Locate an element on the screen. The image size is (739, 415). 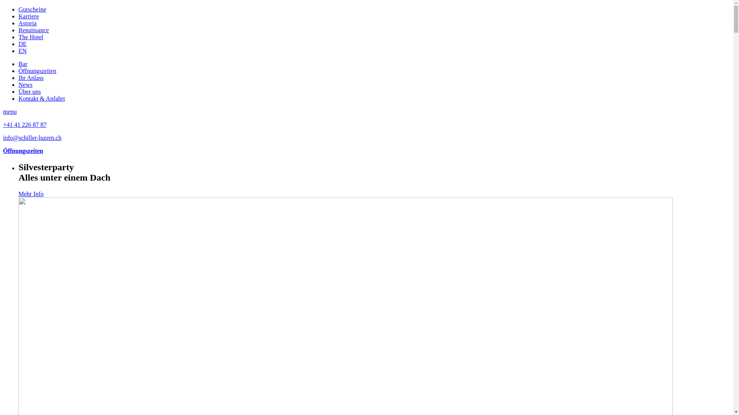
'Astoria' is located at coordinates (27, 23).